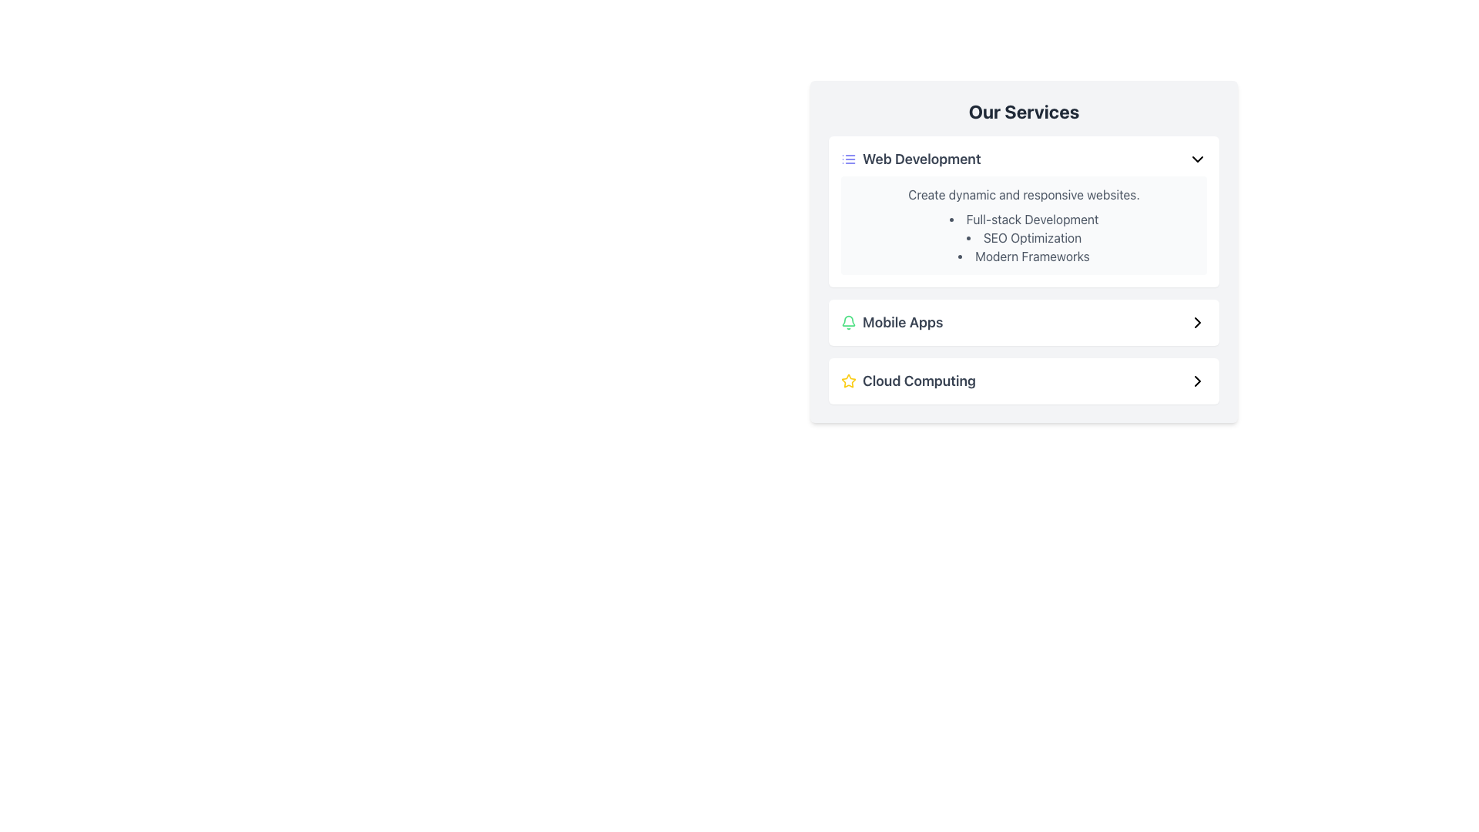 The image size is (1479, 832). Describe the element at coordinates (848, 381) in the screenshot. I see `the star-shaped yellow icon outlined with a thin stroke, located at the top of the 'Cloud Computing' service category in the list of services` at that location.